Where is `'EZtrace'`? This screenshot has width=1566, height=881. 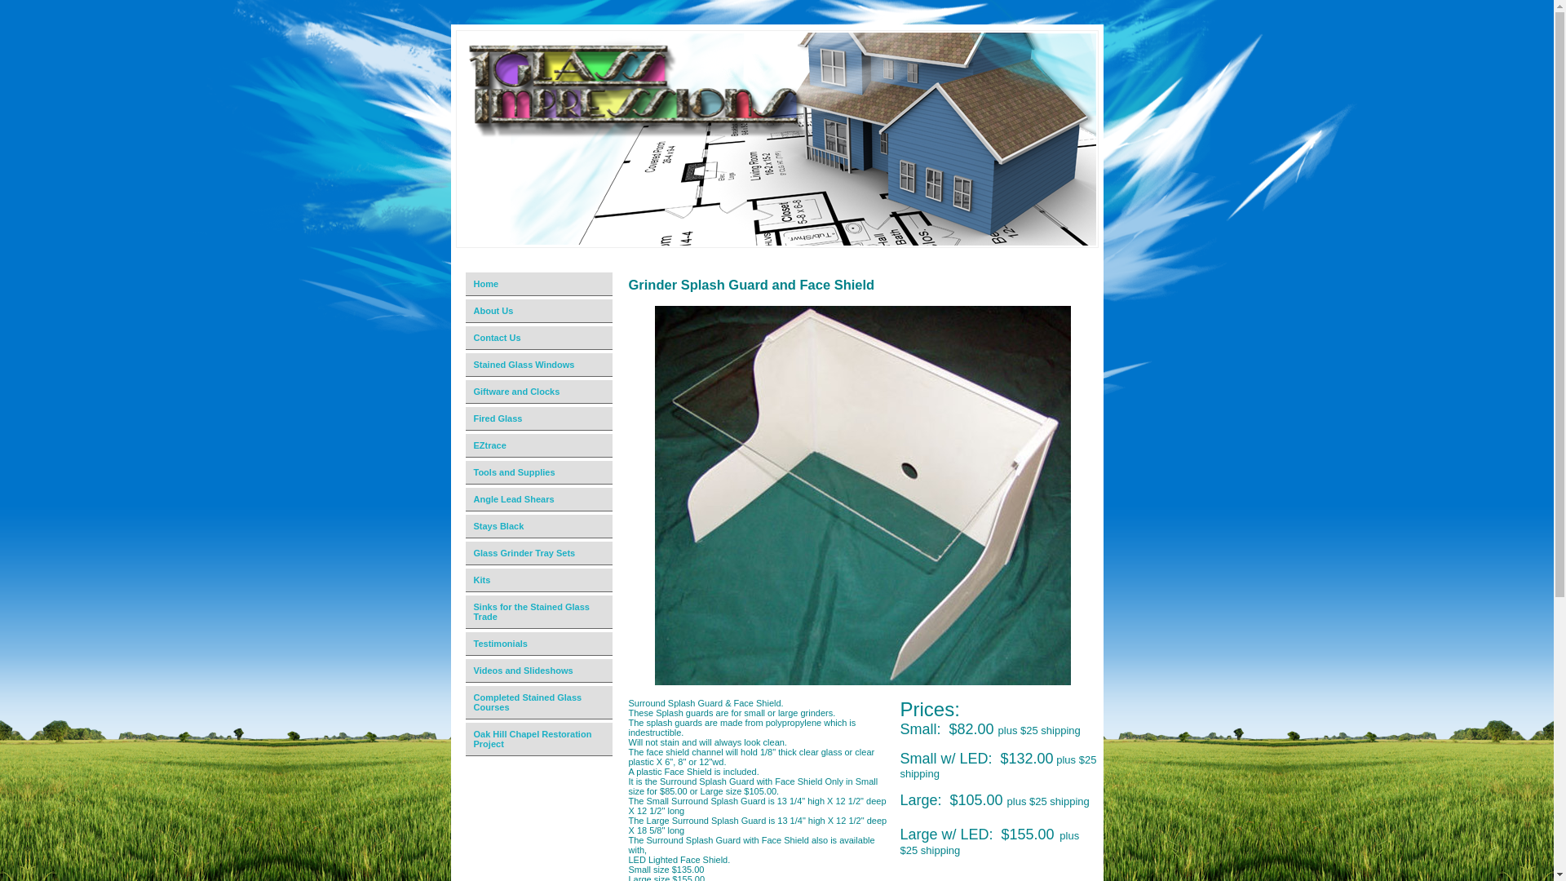 'EZtrace' is located at coordinates (540, 445).